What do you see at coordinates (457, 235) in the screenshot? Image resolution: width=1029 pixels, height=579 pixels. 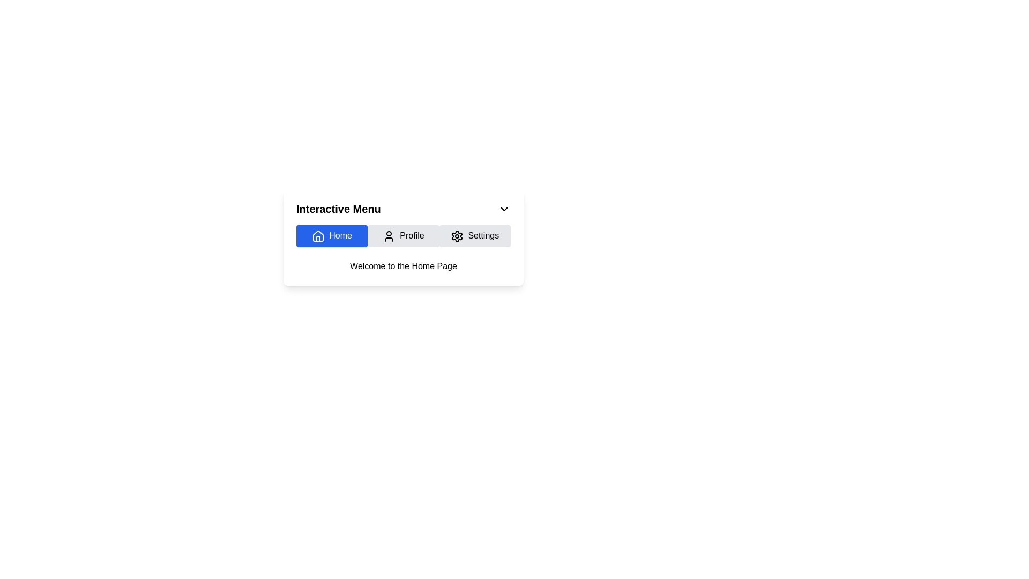 I see `the settings icon located on the rightmost side of the horizontal menu bar` at bounding box center [457, 235].